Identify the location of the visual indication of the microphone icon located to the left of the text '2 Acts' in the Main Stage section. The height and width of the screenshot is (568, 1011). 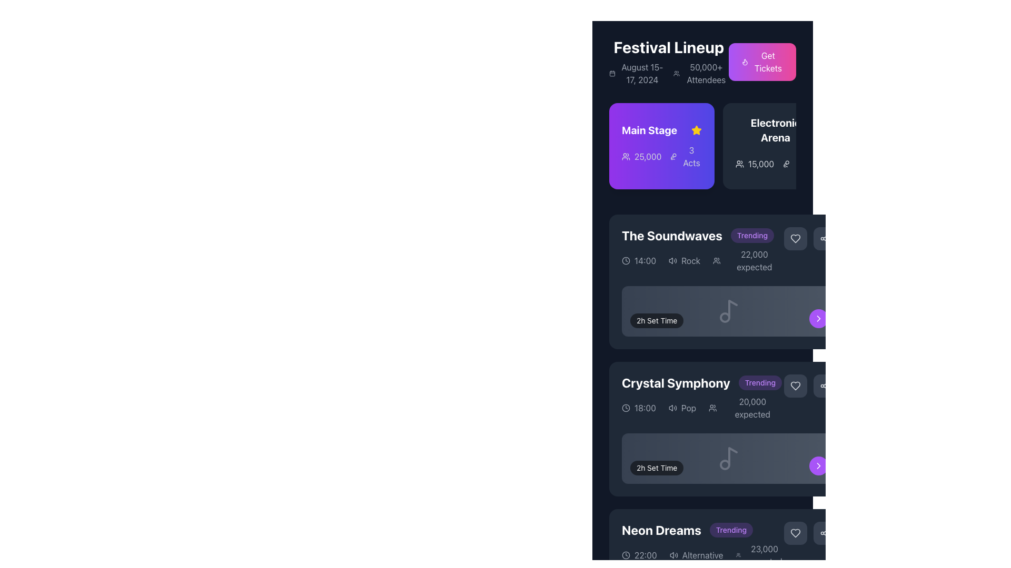
(786, 164).